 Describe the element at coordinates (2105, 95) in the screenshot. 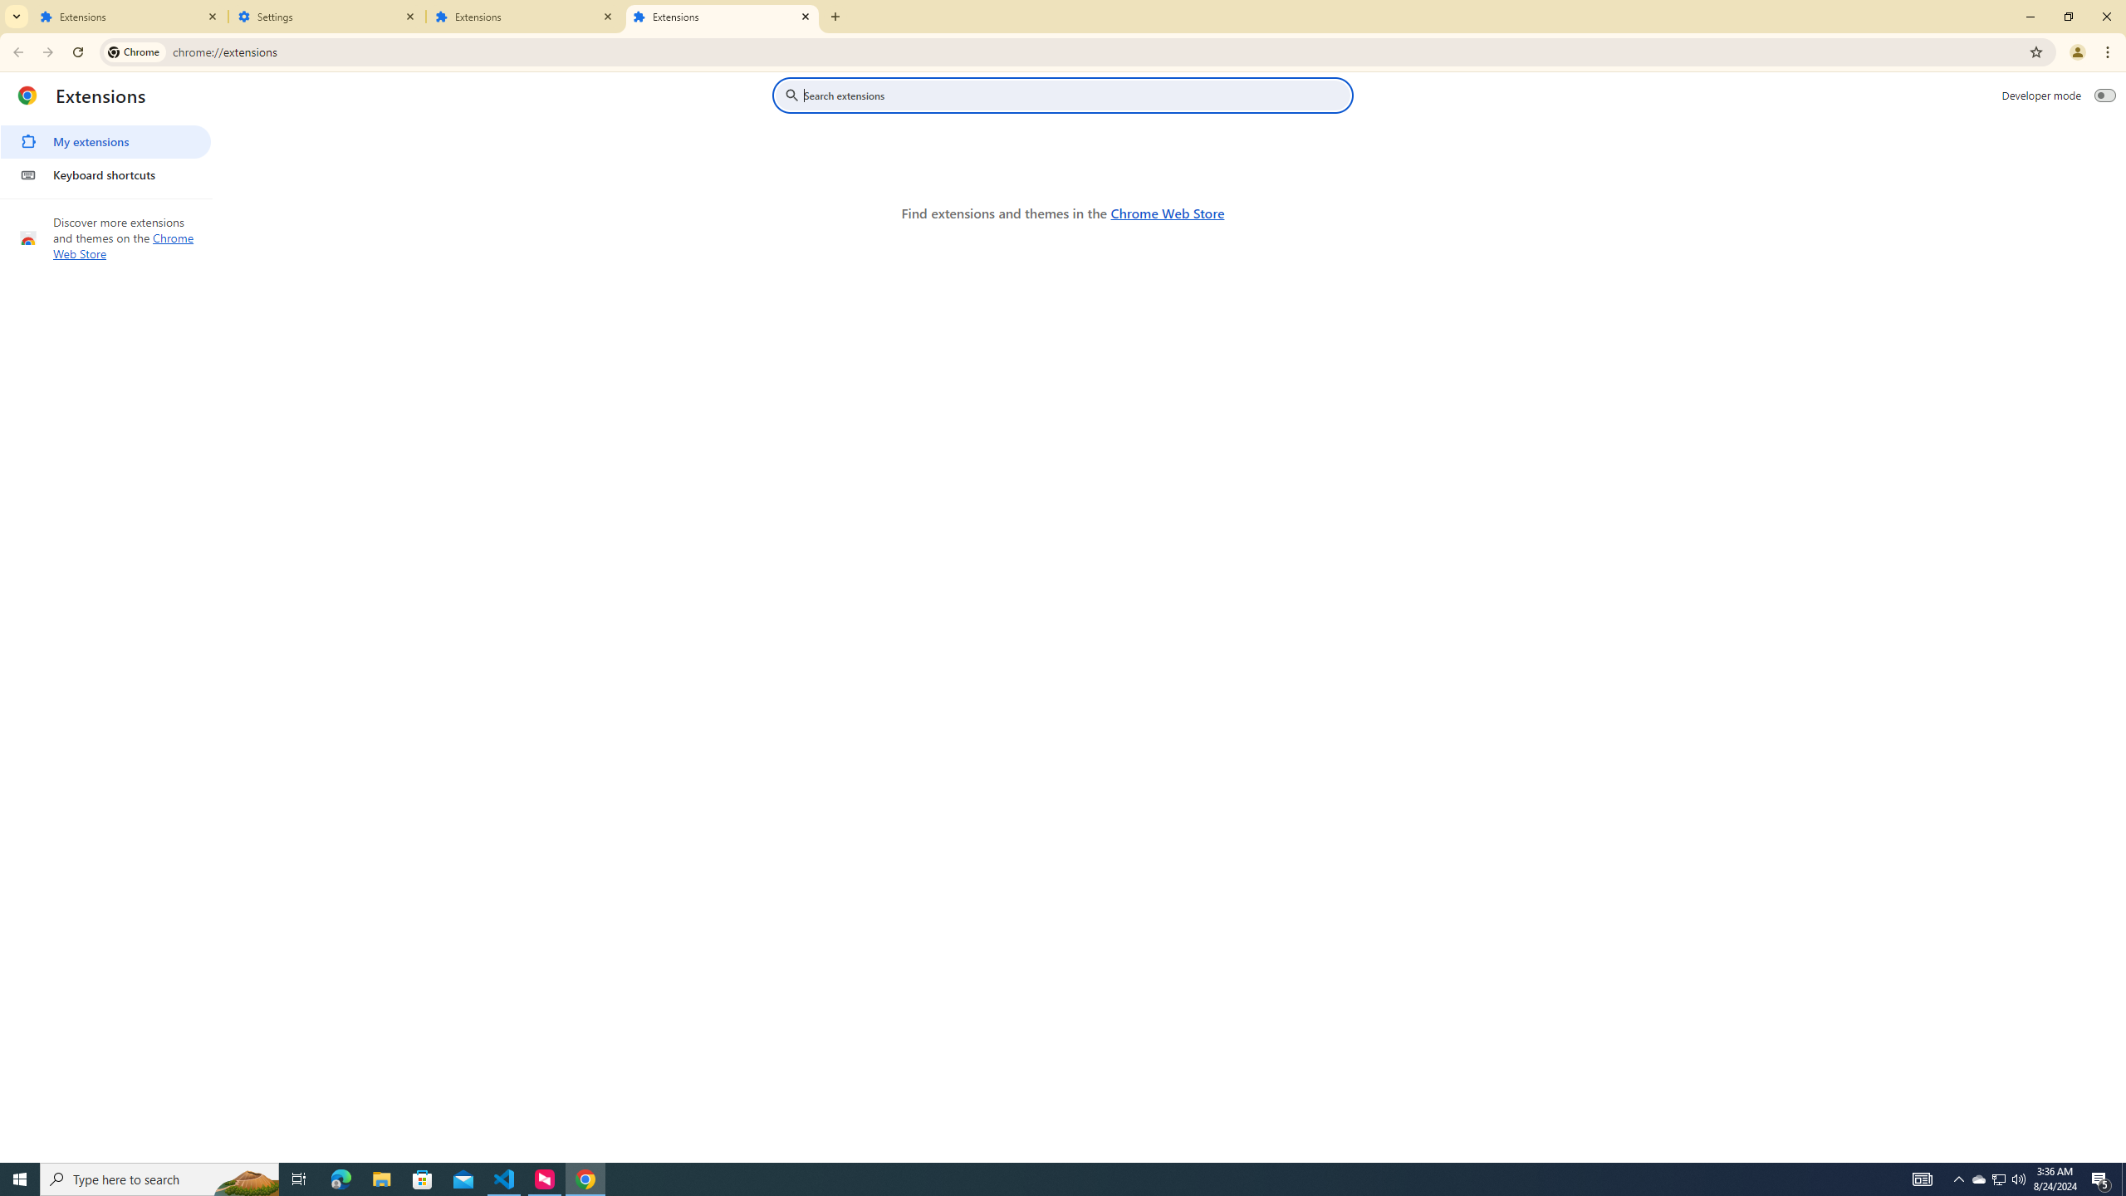

I see `'Developer mode'` at that location.